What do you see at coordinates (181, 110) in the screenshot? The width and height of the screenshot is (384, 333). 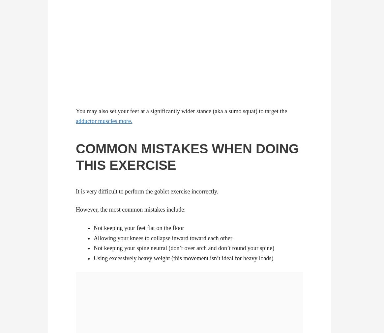 I see `'You may also set your feet at a significantly wider stance (aka a sumo squat) to target the'` at bounding box center [181, 110].